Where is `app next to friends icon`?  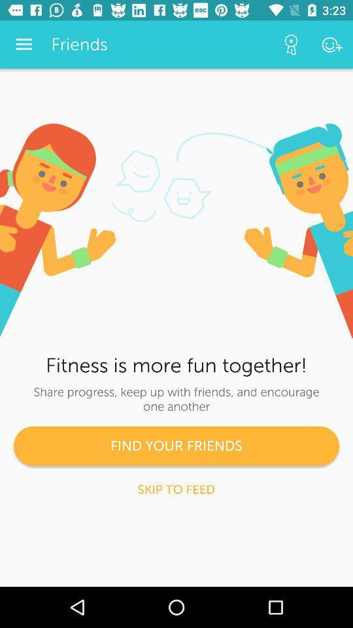 app next to friends icon is located at coordinates (24, 44).